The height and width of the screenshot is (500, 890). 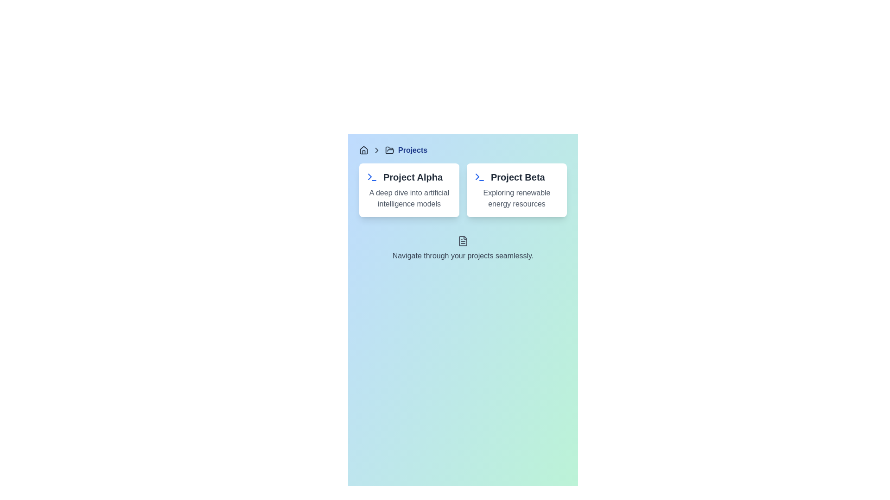 I want to click on the card titled 'Project Alpha', which features a blue terminal icon on the left and a bold black title text next to it, located at the top-left of the grid under the 'Projects' section, so click(x=409, y=190).